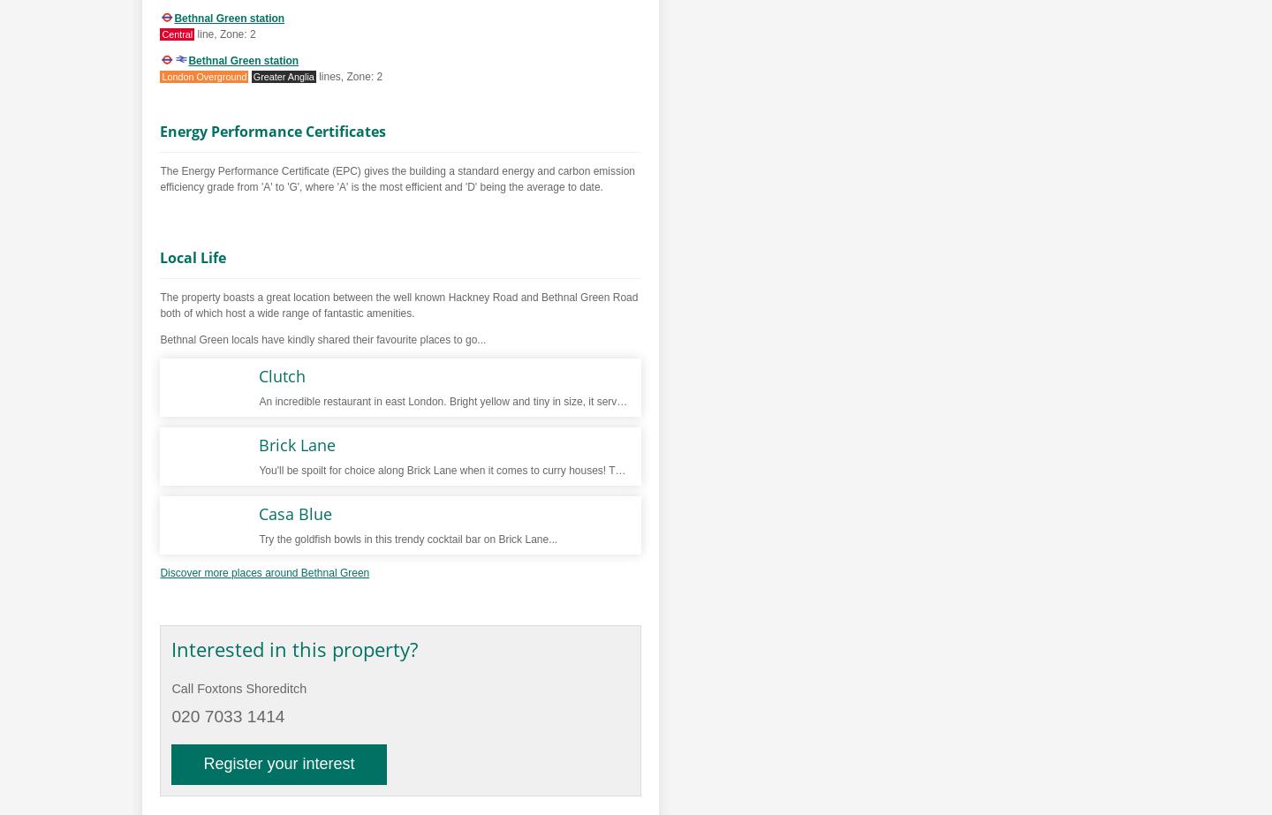 Image resolution: width=1272 pixels, height=815 pixels. I want to click on 'The Energy Performance Certificate (EPC) gives the building a standard energy and carbon emission efficiency grade from 'A' to 'G', where 'A' is the most efficient and 'D' being the average to date.', so click(397, 178).